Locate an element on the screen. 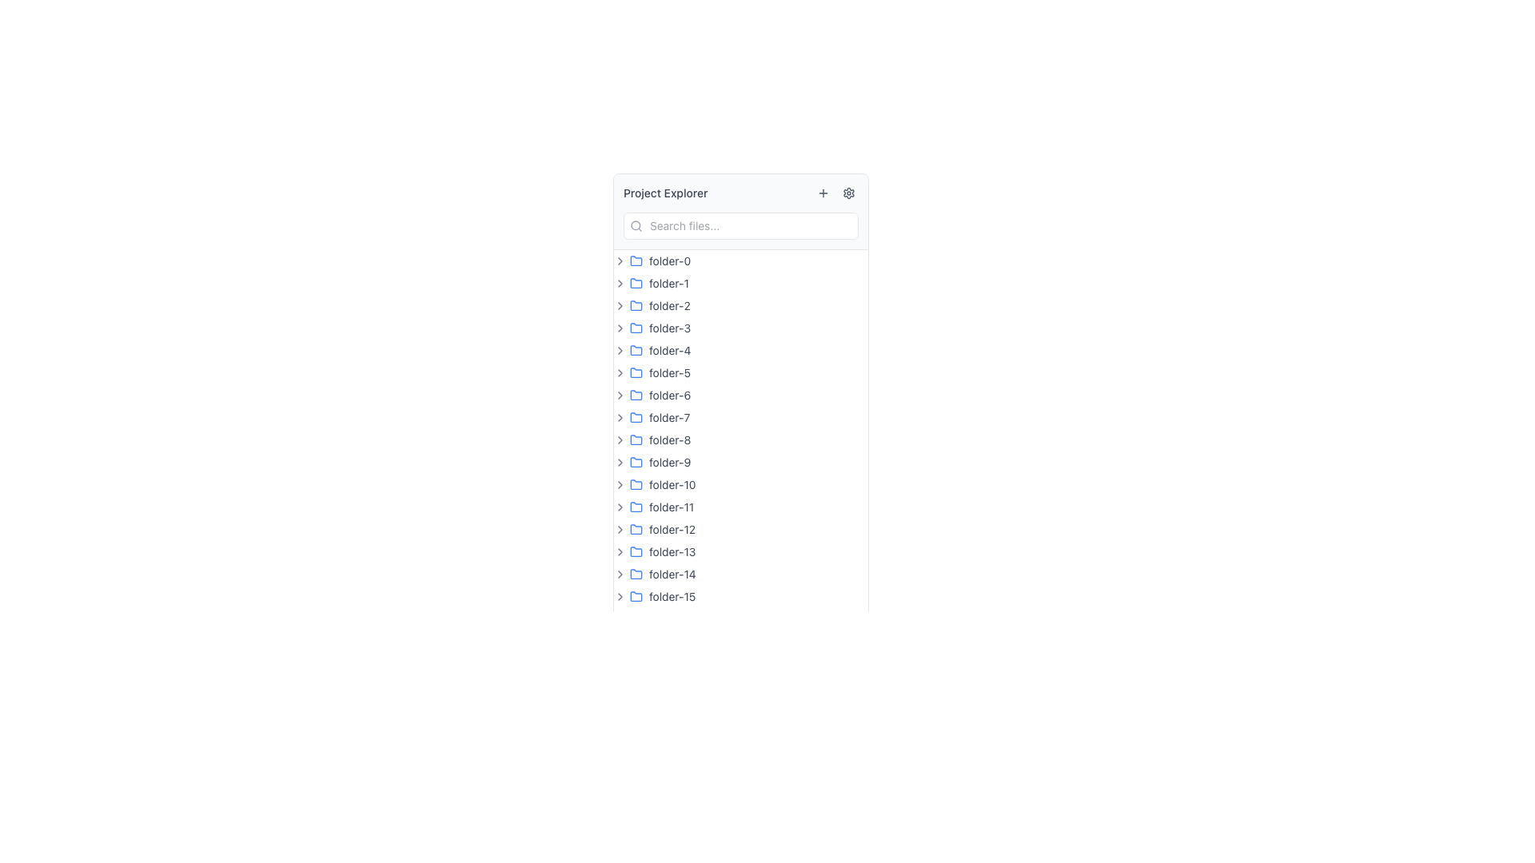 The height and width of the screenshot is (863, 1535). the Icon Button is located at coordinates (620, 372).